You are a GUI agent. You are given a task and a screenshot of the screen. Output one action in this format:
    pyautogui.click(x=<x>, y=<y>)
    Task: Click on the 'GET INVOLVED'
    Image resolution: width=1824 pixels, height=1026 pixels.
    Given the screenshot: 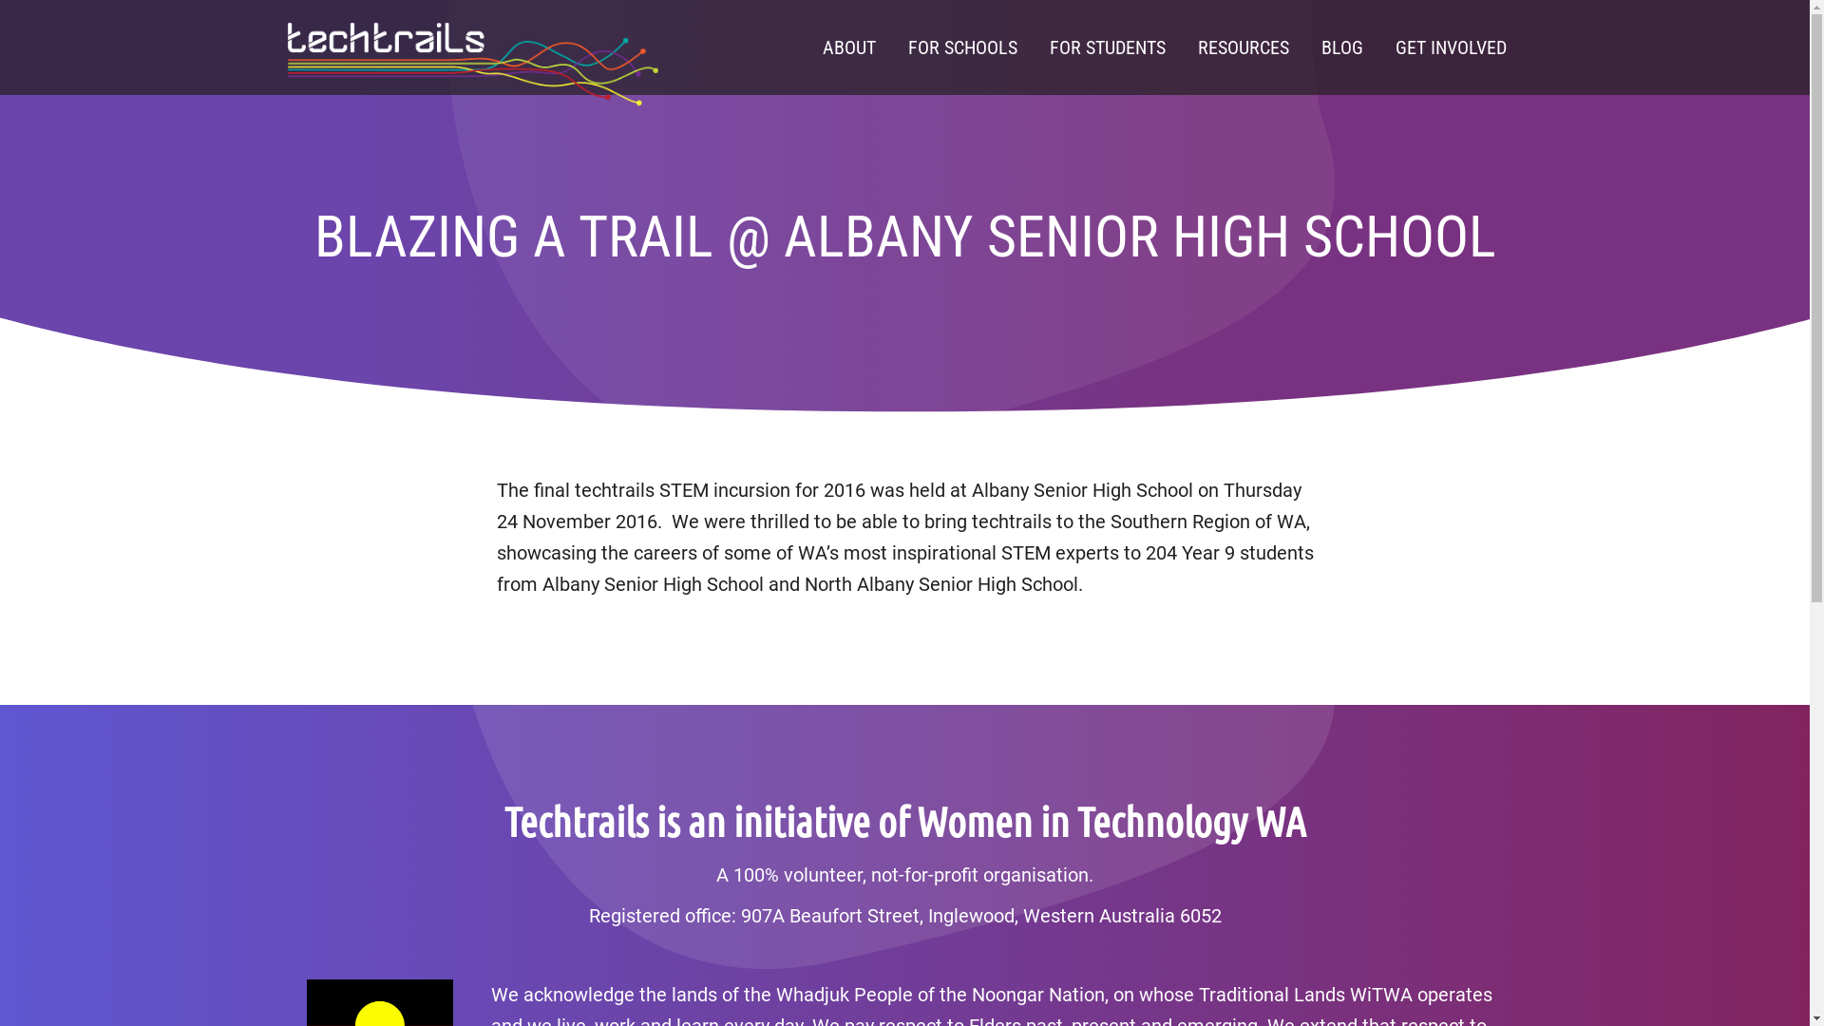 What is the action you would take?
    pyautogui.click(x=1450, y=47)
    